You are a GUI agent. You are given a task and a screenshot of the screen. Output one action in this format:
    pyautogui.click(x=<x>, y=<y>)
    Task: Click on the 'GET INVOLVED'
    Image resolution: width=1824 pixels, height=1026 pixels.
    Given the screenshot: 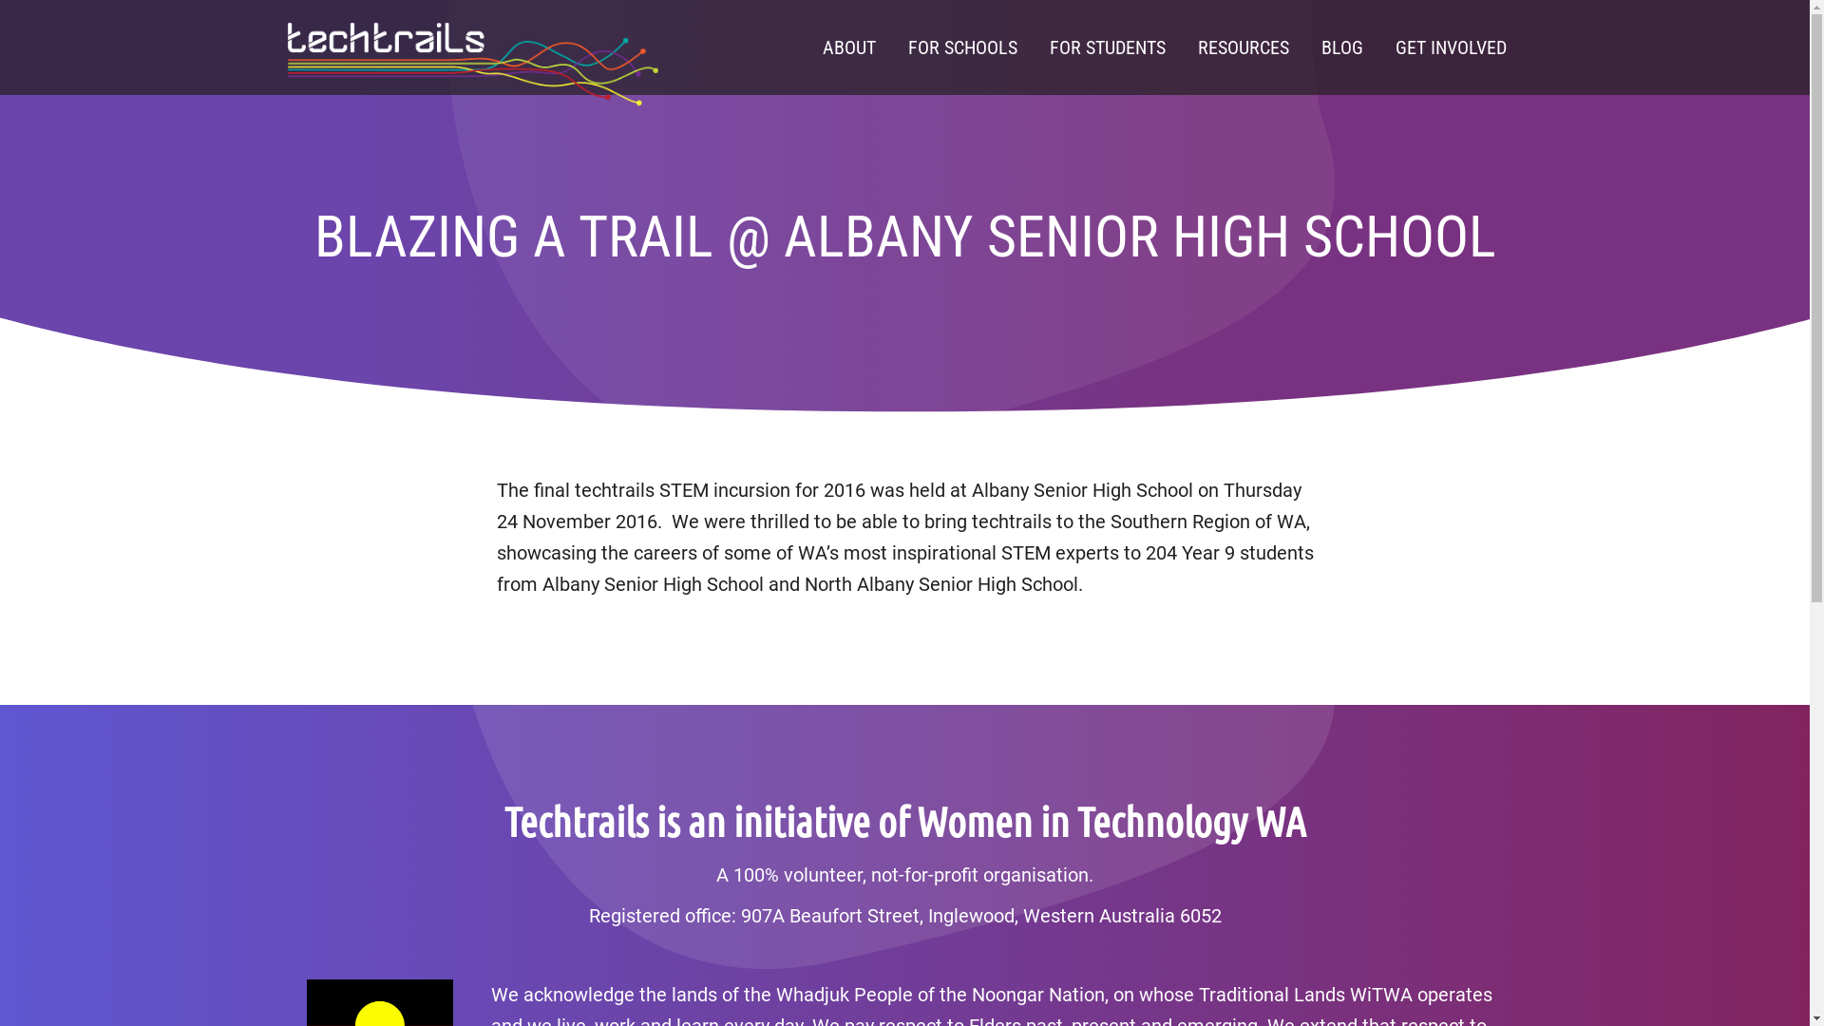 What is the action you would take?
    pyautogui.click(x=1450, y=47)
    